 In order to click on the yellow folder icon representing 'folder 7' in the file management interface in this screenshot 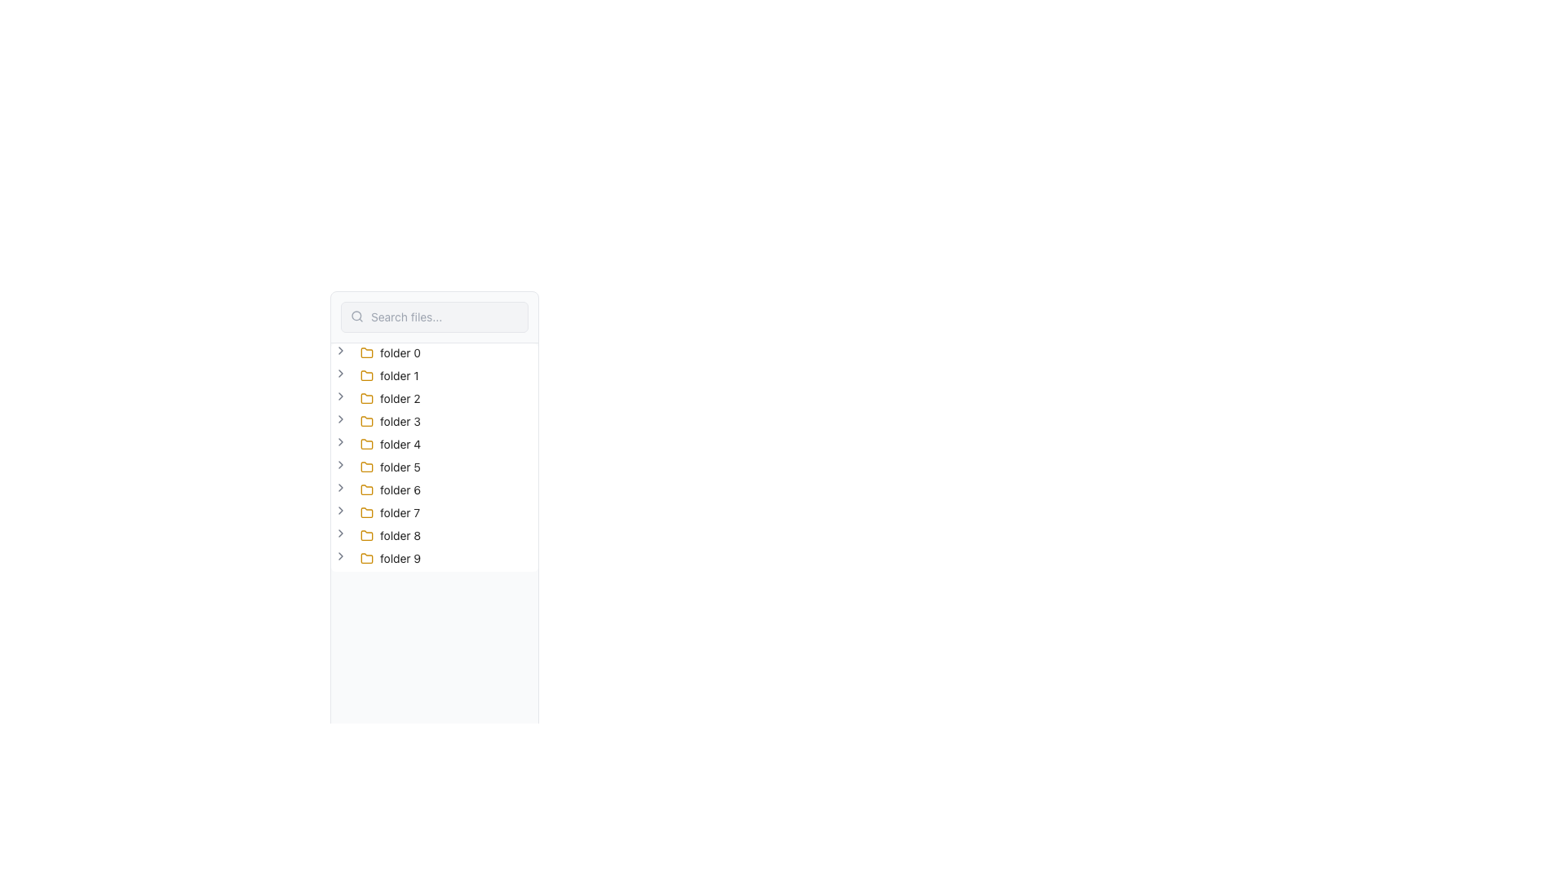, I will do `click(366, 511)`.